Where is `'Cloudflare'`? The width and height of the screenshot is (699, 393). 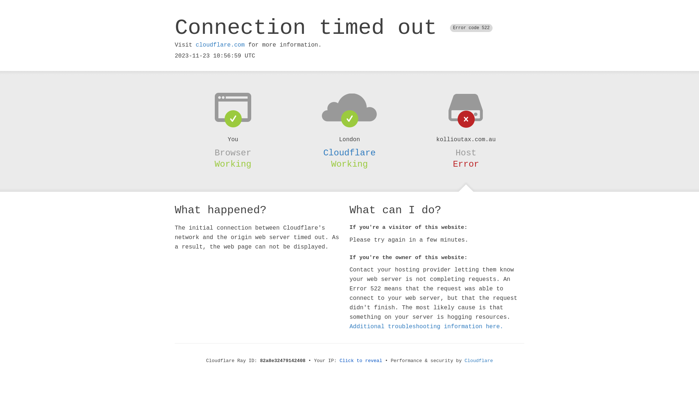
'Cloudflare' is located at coordinates (349, 152).